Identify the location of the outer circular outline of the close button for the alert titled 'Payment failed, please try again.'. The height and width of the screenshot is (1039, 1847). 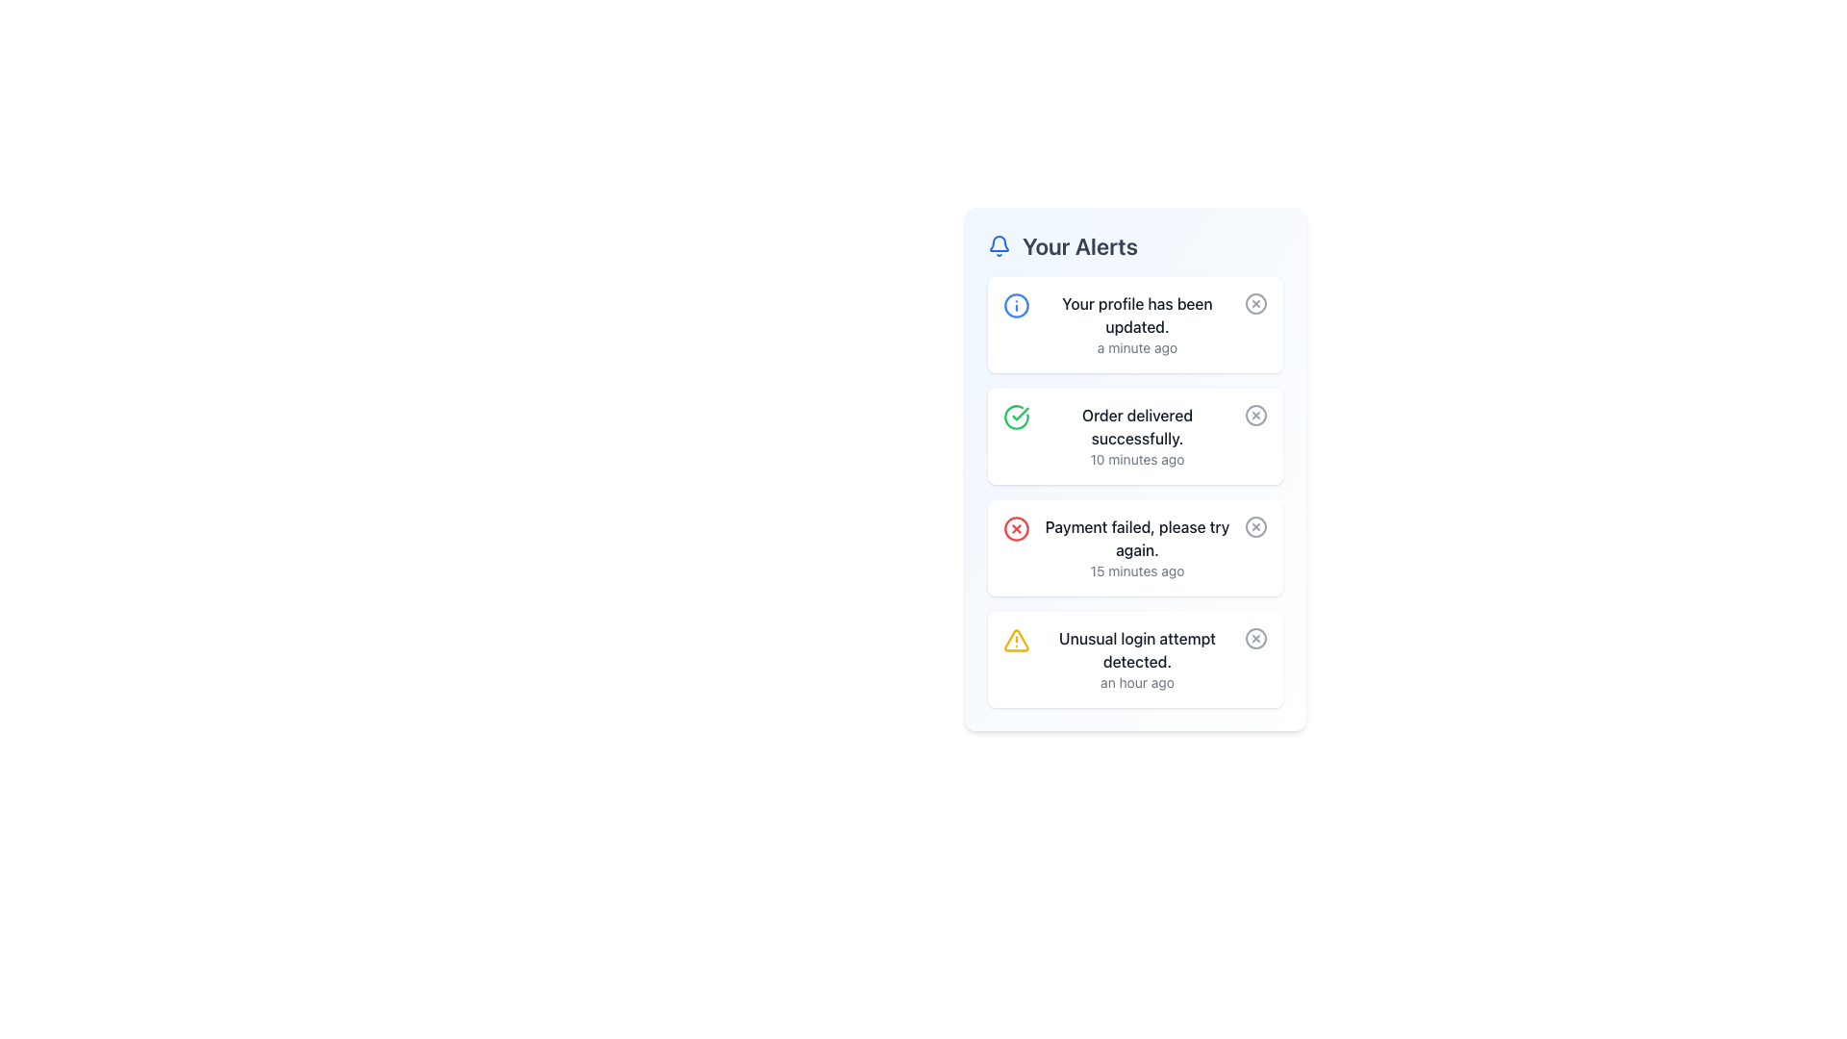
(1255, 526).